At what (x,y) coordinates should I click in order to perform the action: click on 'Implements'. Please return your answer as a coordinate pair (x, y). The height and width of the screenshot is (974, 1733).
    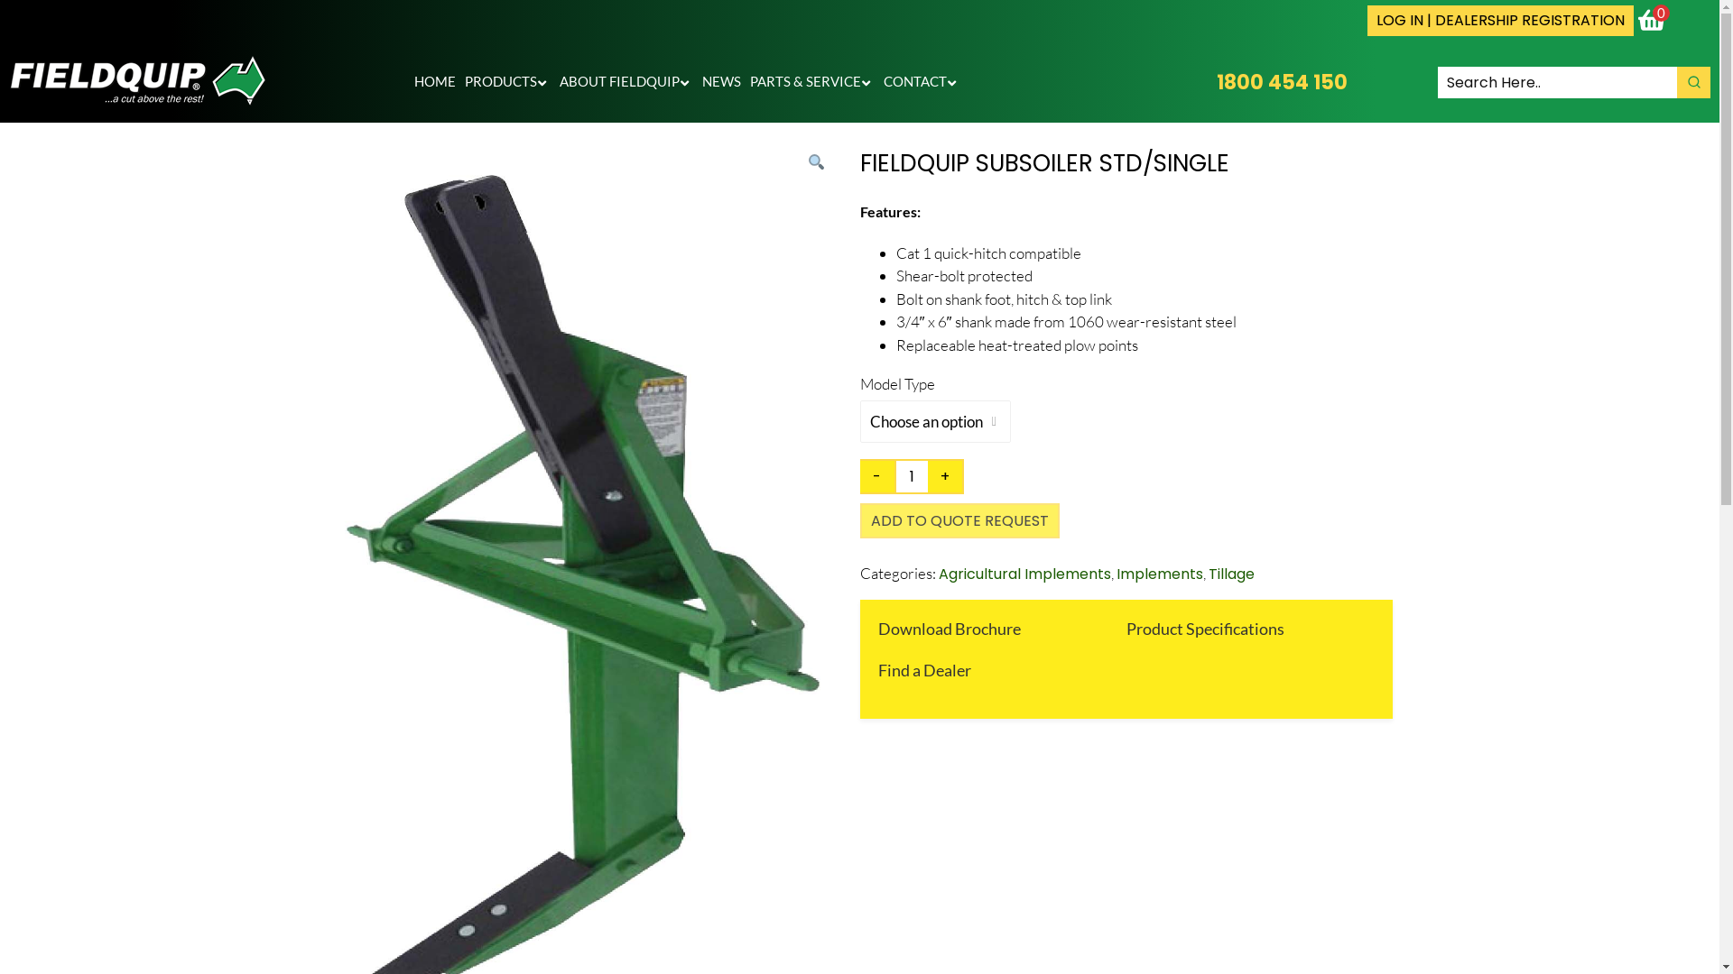
    Looking at the image, I should click on (1158, 574).